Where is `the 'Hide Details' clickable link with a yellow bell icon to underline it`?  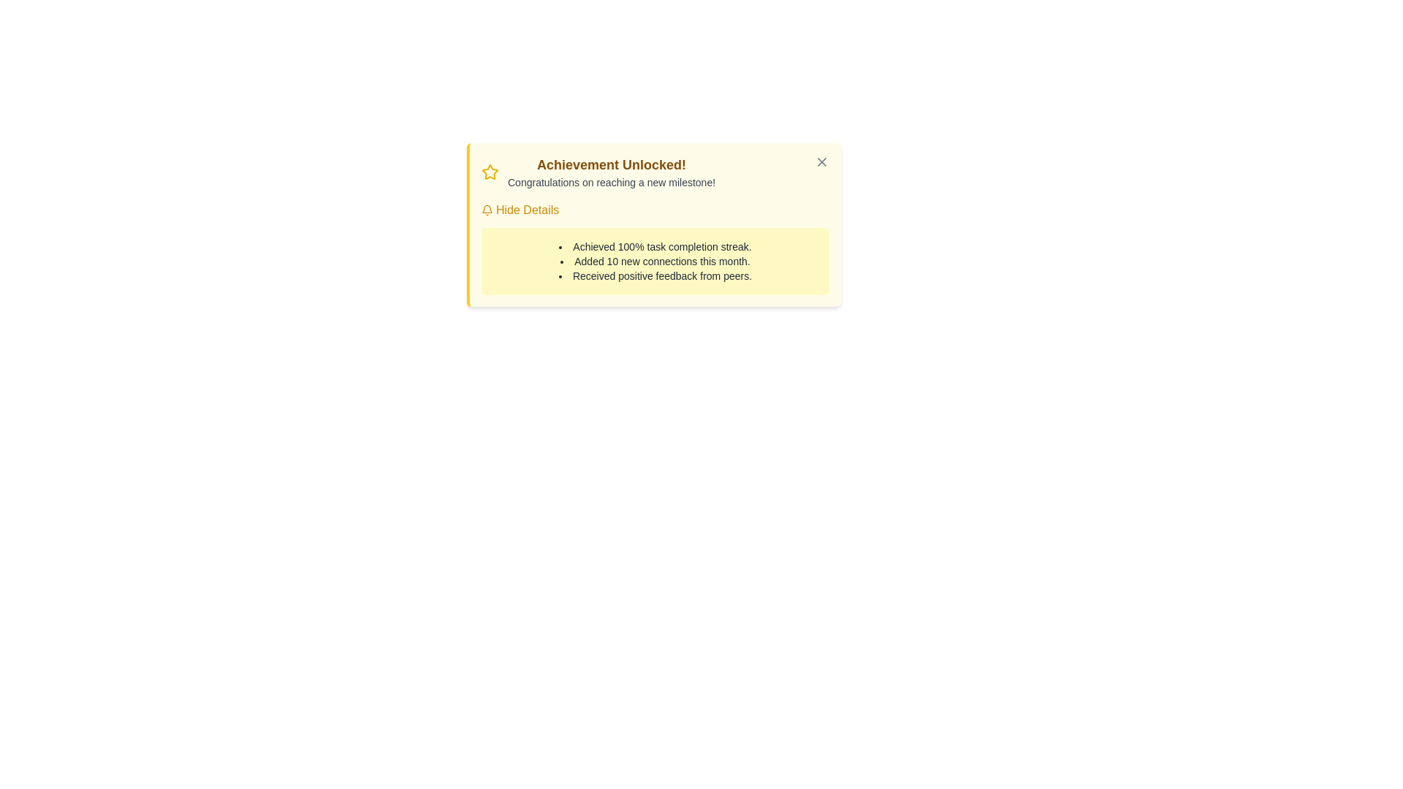
the 'Hide Details' clickable link with a yellow bell icon to underline it is located at coordinates (520, 210).